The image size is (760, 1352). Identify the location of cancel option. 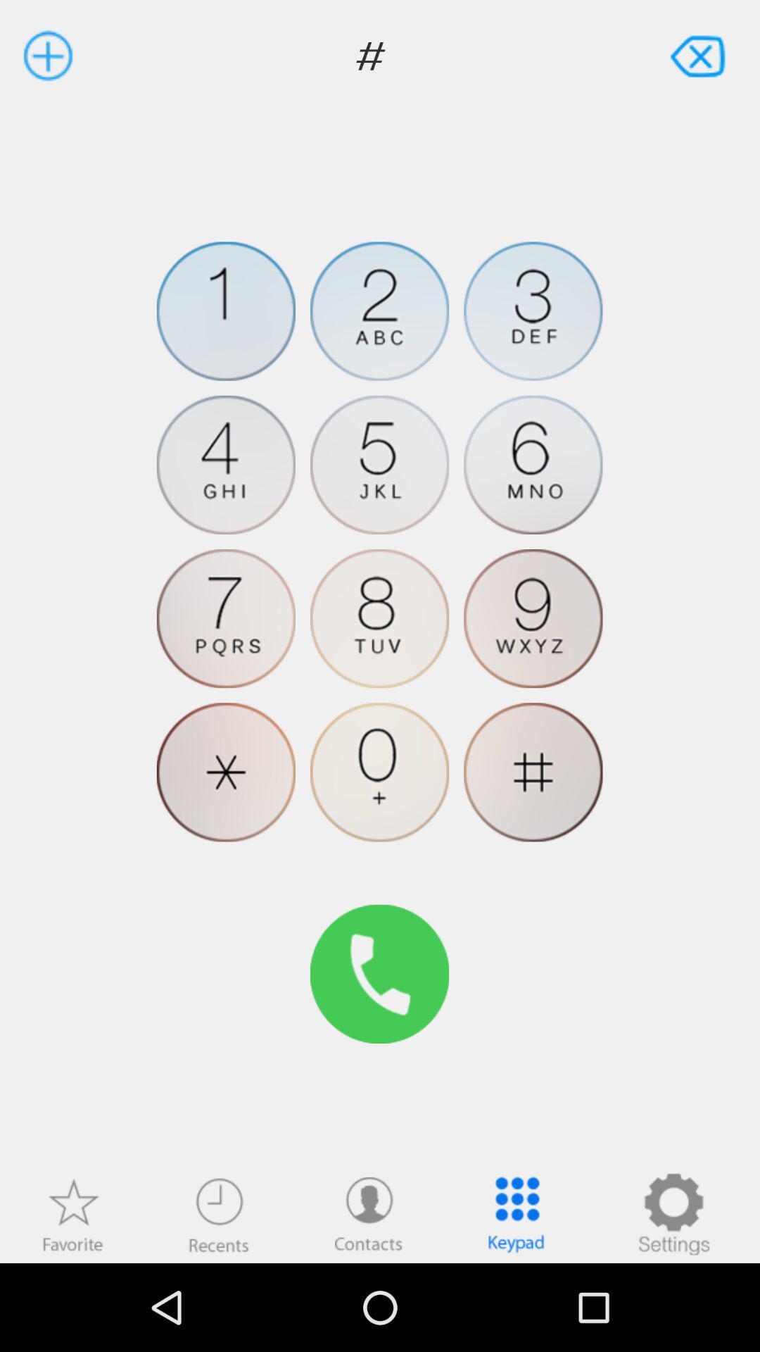
(699, 55).